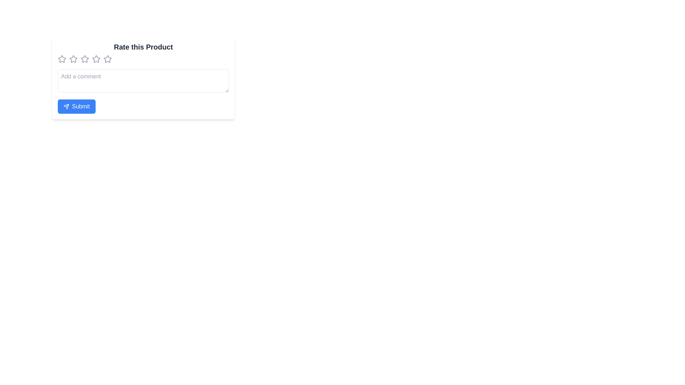 The width and height of the screenshot is (685, 385). I want to click on the first star icon in the rating system, so click(62, 58).